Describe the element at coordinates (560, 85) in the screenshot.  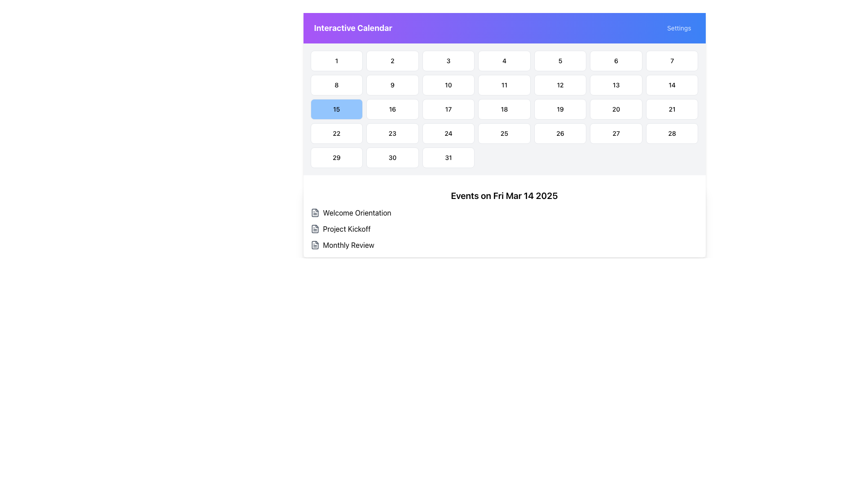
I see `the calendar cell displaying the number '12'` at that location.